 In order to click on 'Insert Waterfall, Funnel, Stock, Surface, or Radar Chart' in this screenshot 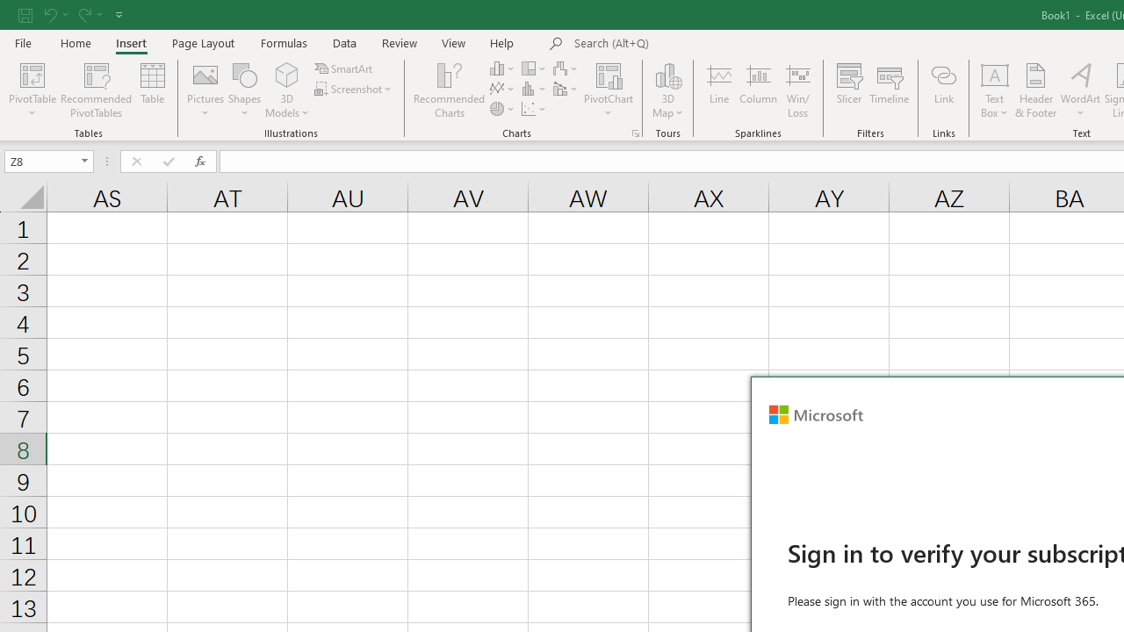, I will do `click(566, 68)`.